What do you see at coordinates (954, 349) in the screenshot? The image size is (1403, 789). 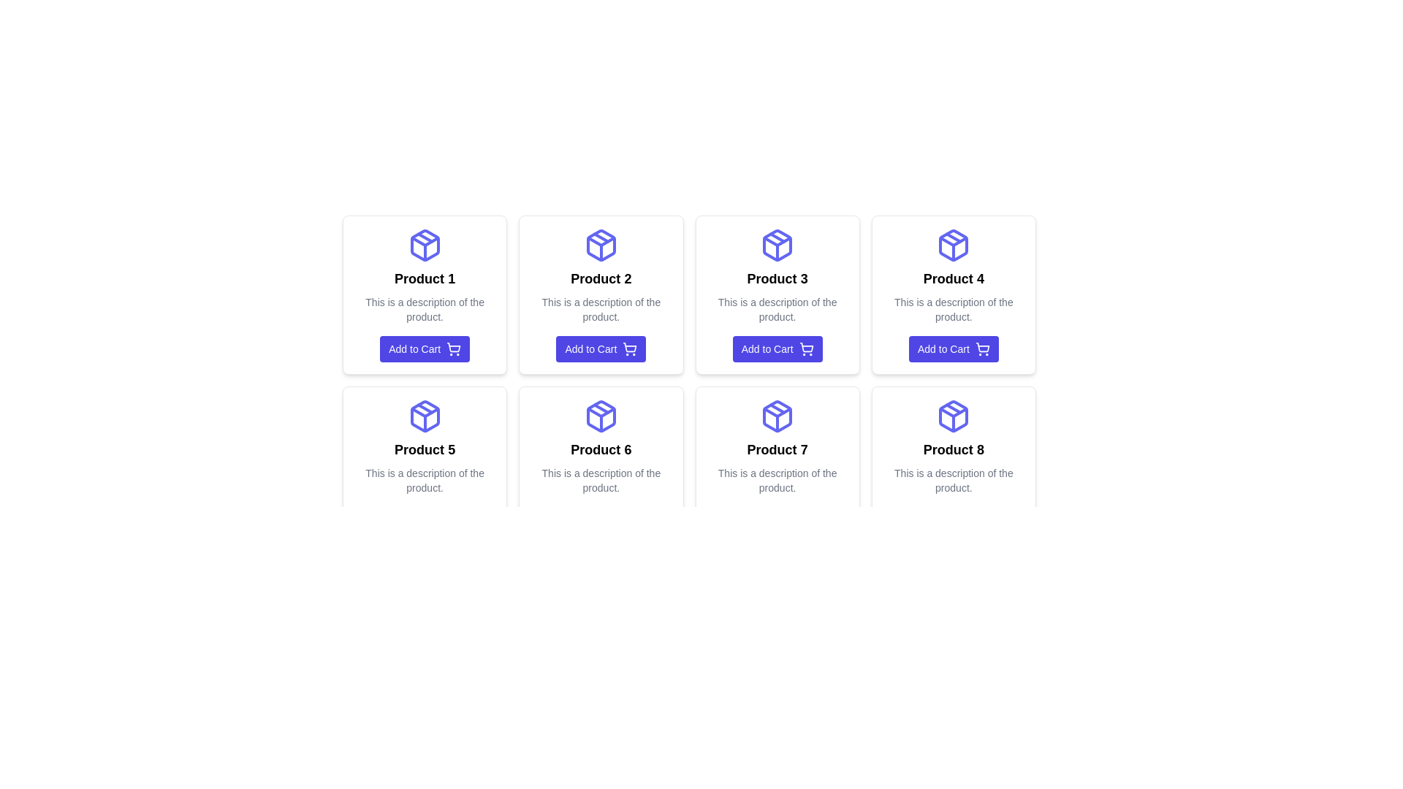 I see `the button at the bottom center of the card labeled 'Product 4'` at bounding box center [954, 349].